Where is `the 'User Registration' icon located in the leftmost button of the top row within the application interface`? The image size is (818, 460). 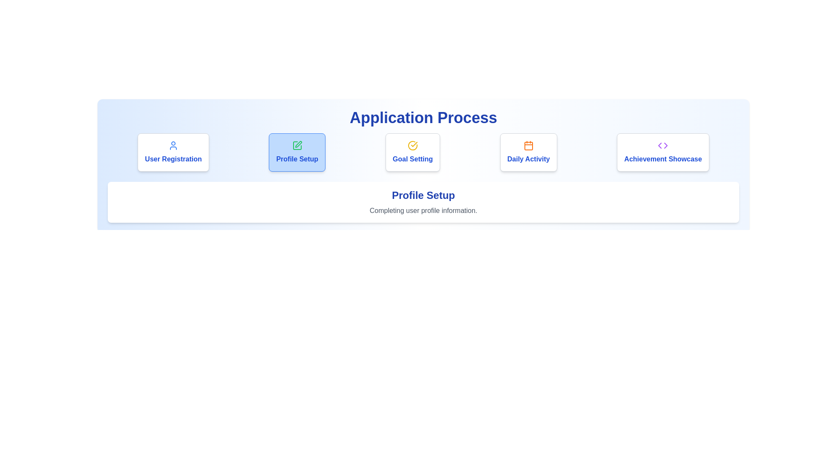
the 'User Registration' icon located in the leftmost button of the top row within the application interface is located at coordinates (173, 145).